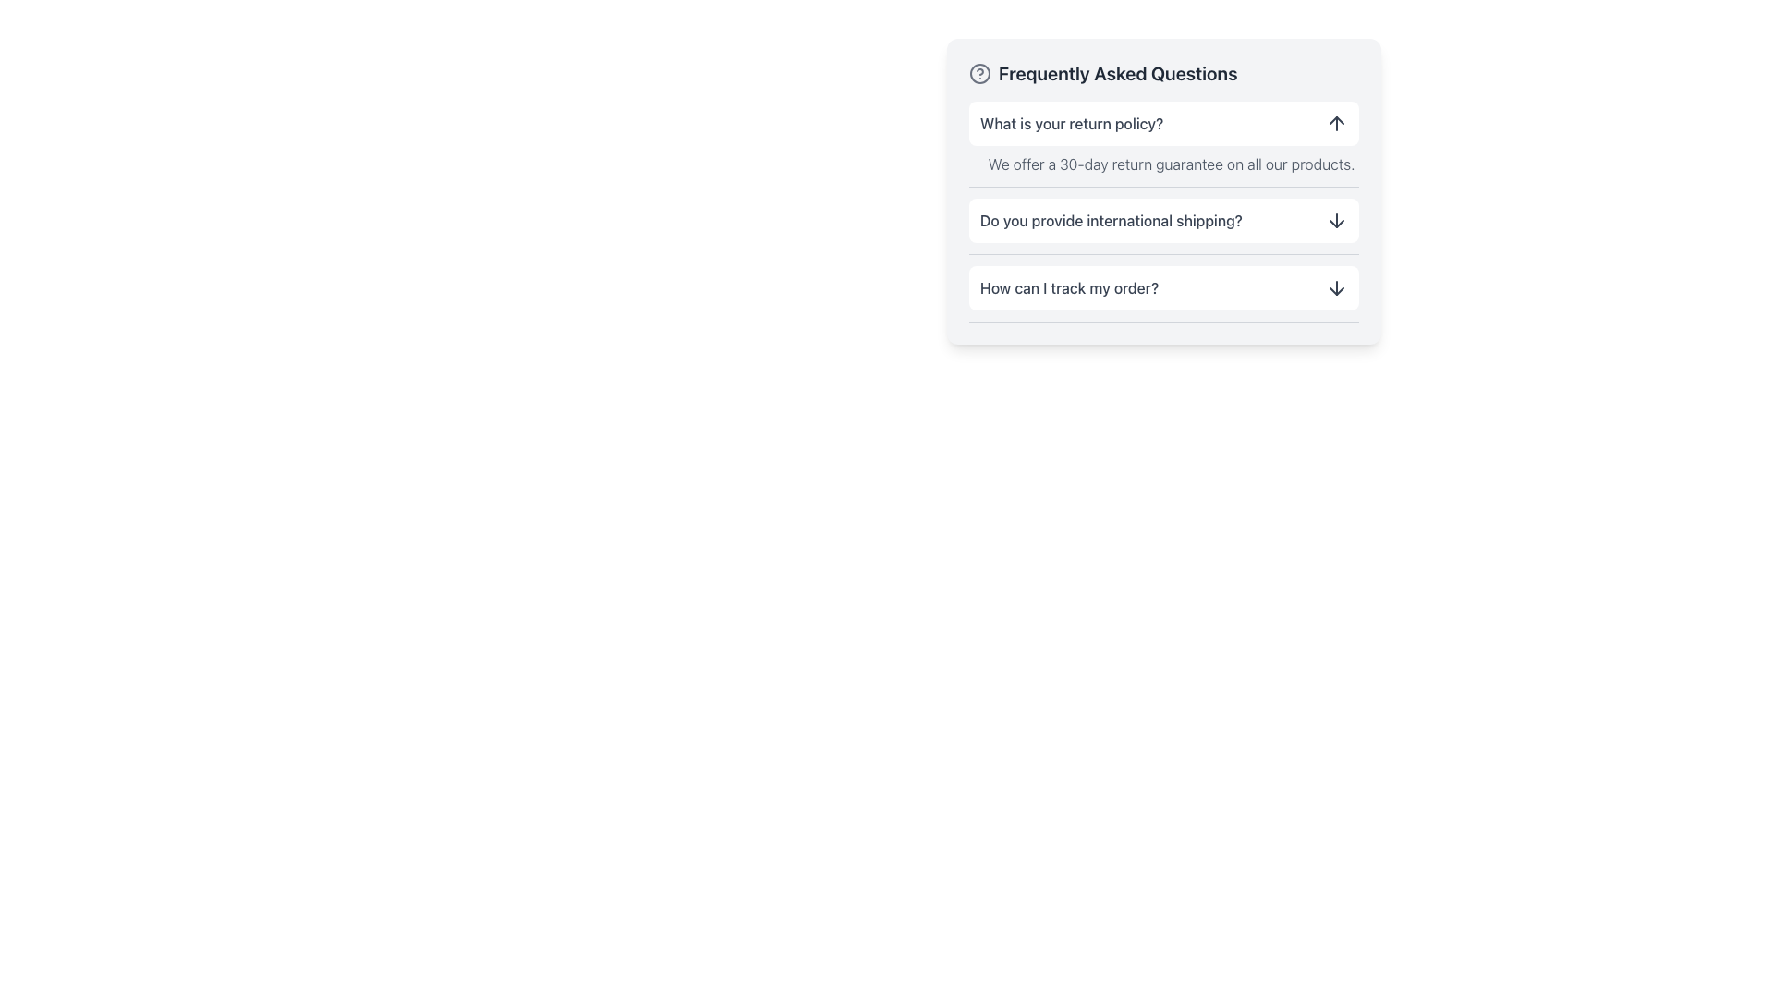  I want to click on the interactive dropdown menu item labeled 'How can I track my order?', so click(1162, 288).